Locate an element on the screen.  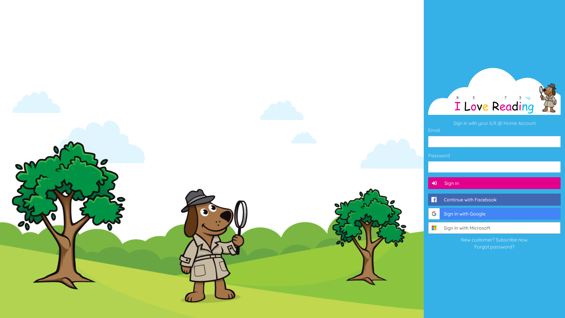
'Sign In with Microsoft' is located at coordinates (494, 228).